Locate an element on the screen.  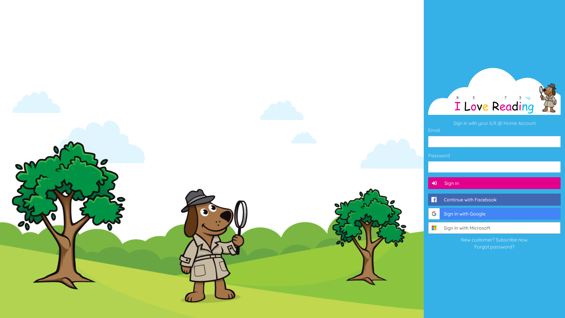
'Sign In with Microsoft' is located at coordinates (494, 228).